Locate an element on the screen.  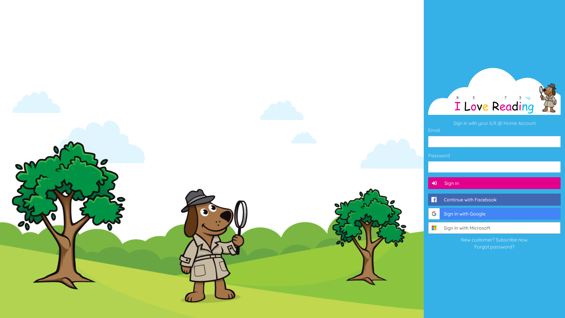
'Sign In with Microsoft' is located at coordinates (494, 228).